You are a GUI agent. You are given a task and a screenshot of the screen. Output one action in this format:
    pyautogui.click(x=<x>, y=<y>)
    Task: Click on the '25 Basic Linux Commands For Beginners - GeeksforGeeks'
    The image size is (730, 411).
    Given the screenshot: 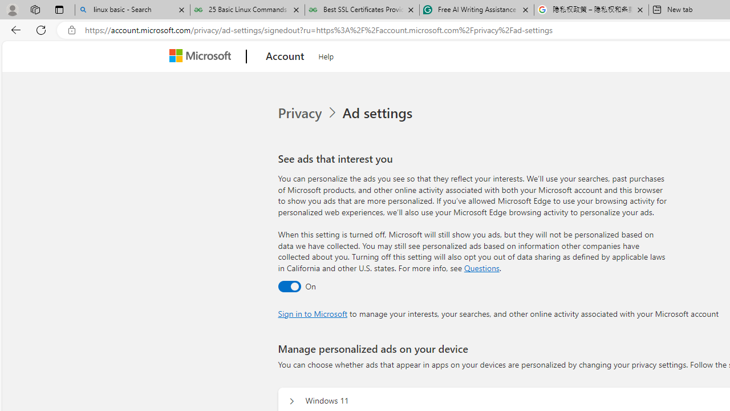 What is the action you would take?
    pyautogui.click(x=246, y=10)
    